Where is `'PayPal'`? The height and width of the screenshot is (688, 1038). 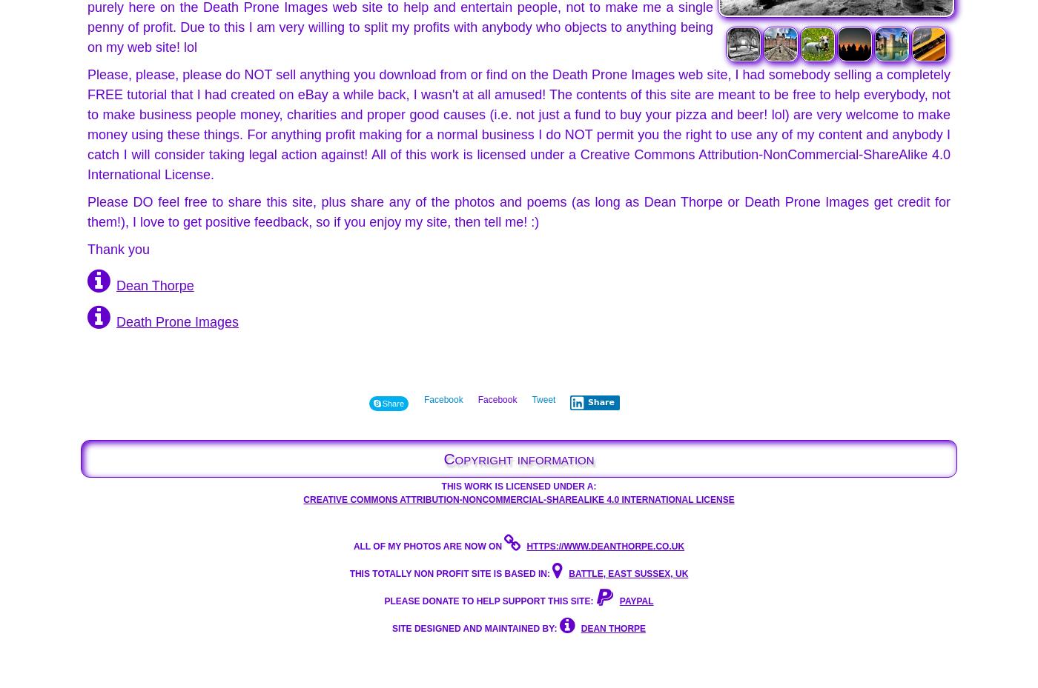 'PayPal' is located at coordinates (636, 601).